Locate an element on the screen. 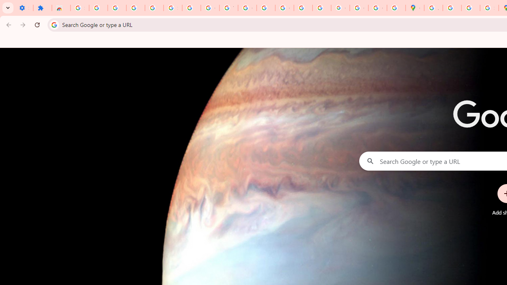 The image size is (507, 285). 'Reviews: Helix Fruit Jump Arcade Game' is located at coordinates (61, 8).